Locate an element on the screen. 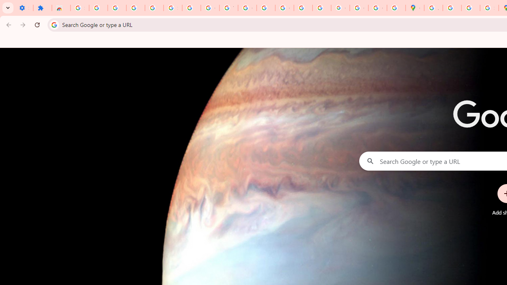 The image size is (507, 285). 'Reviews: Helix Fruit Jump Arcade Game' is located at coordinates (61, 8).